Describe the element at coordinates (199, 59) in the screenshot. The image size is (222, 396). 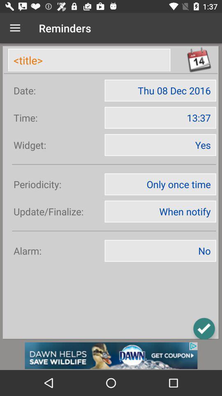
I see `the date_range icon` at that location.